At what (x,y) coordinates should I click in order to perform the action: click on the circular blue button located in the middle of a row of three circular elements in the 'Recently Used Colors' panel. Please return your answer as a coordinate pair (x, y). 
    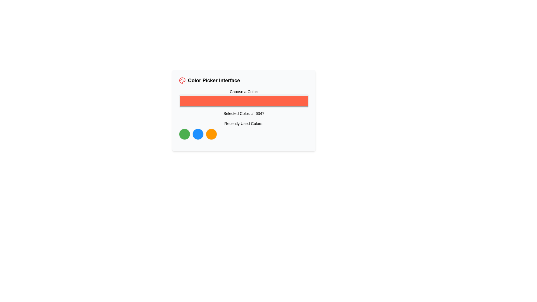
    Looking at the image, I should click on (198, 134).